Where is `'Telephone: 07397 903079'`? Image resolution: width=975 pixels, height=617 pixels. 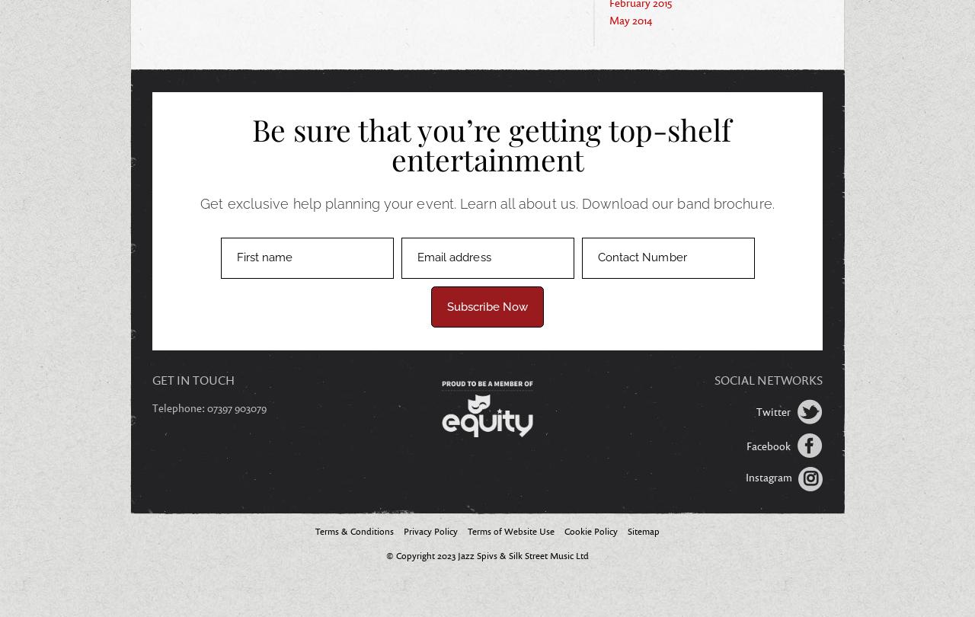 'Telephone: 07397 903079' is located at coordinates (208, 408).